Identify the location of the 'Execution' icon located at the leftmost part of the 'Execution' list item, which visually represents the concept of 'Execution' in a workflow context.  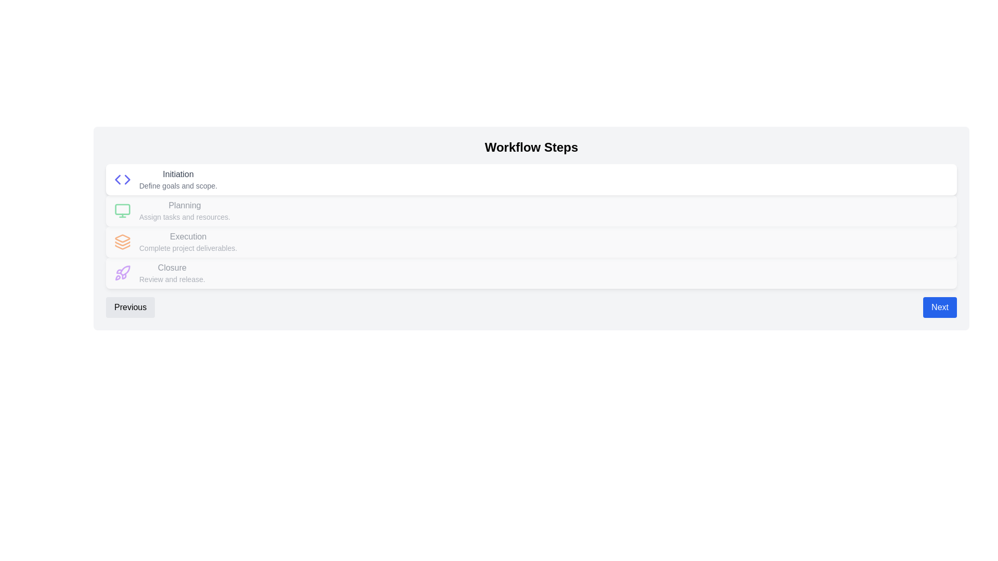
(122, 242).